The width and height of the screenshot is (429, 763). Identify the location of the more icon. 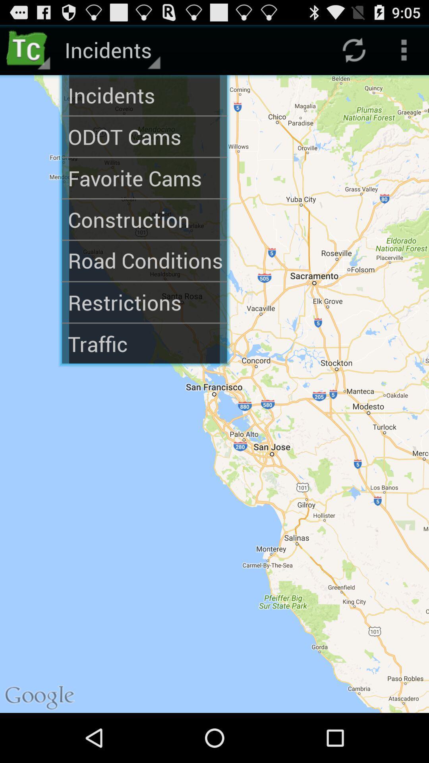
(404, 53).